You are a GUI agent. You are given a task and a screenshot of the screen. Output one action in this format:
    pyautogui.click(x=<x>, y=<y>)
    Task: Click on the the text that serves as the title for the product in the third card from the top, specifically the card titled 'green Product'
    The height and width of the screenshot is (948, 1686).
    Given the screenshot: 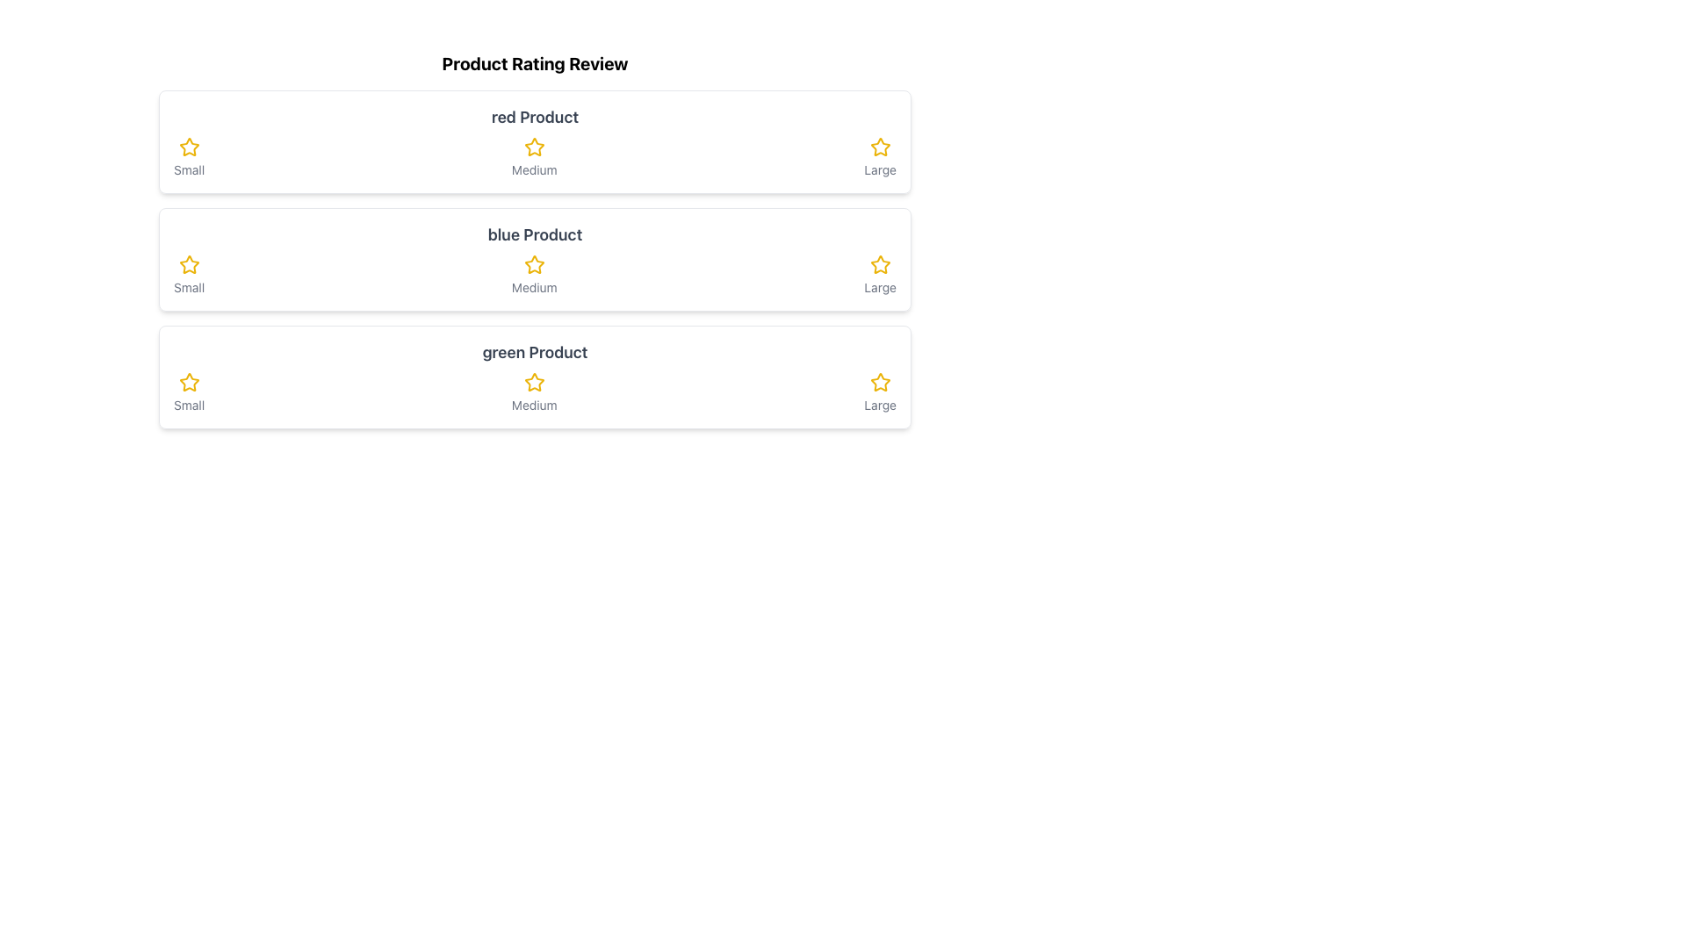 What is the action you would take?
    pyautogui.click(x=534, y=352)
    